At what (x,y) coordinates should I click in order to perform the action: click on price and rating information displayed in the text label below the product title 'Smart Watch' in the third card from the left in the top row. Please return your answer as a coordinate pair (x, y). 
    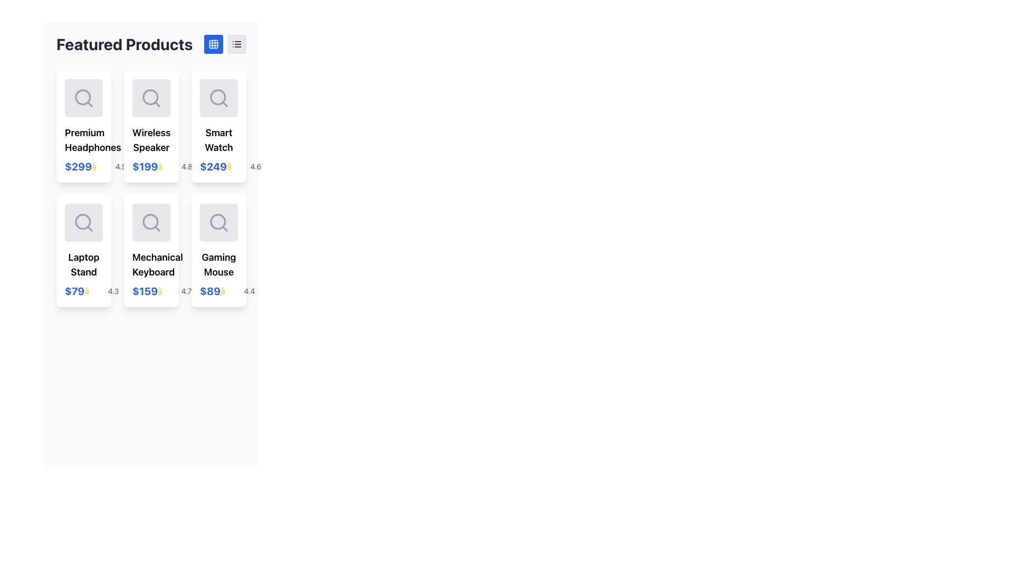
    Looking at the image, I should click on (218, 166).